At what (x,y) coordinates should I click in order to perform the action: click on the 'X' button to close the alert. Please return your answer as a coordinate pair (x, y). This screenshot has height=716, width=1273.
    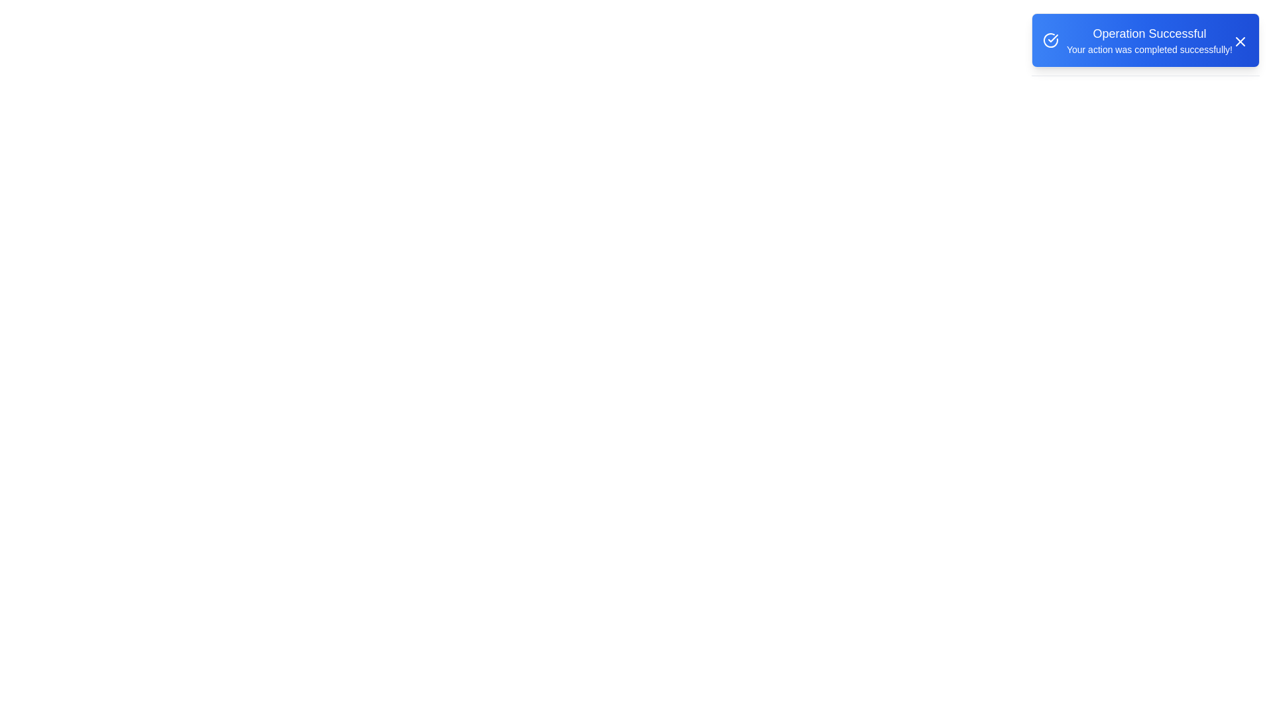
    Looking at the image, I should click on (1240, 40).